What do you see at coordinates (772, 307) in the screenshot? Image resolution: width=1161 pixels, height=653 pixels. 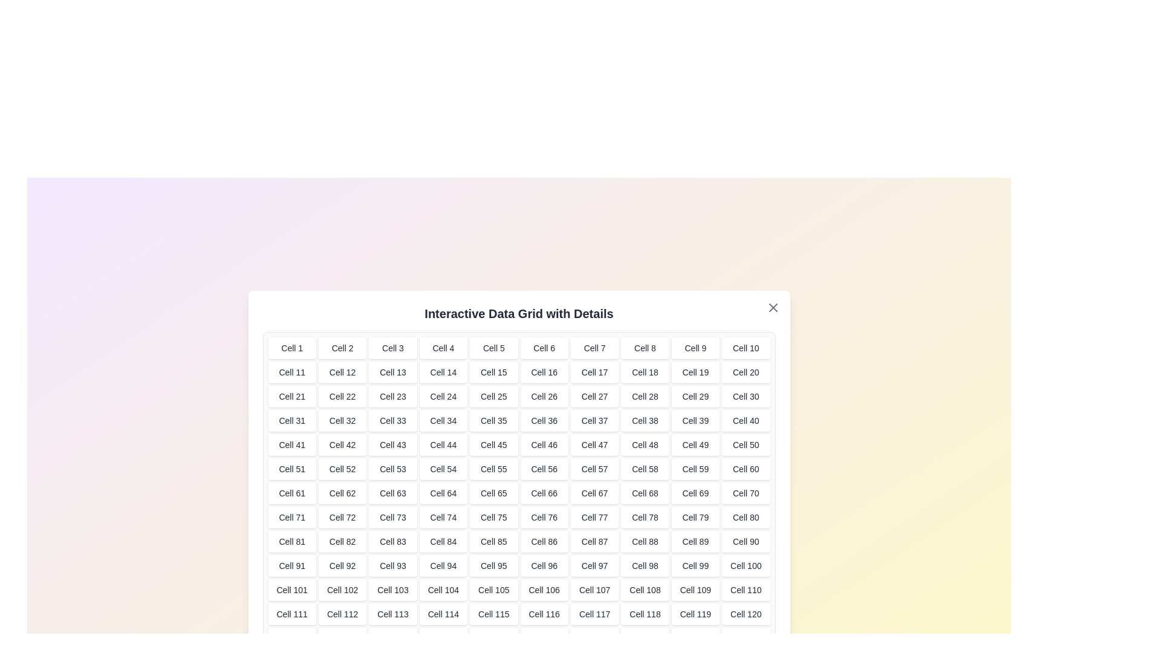 I see `the close button to close the dialog` at bounding box center [772, 307].